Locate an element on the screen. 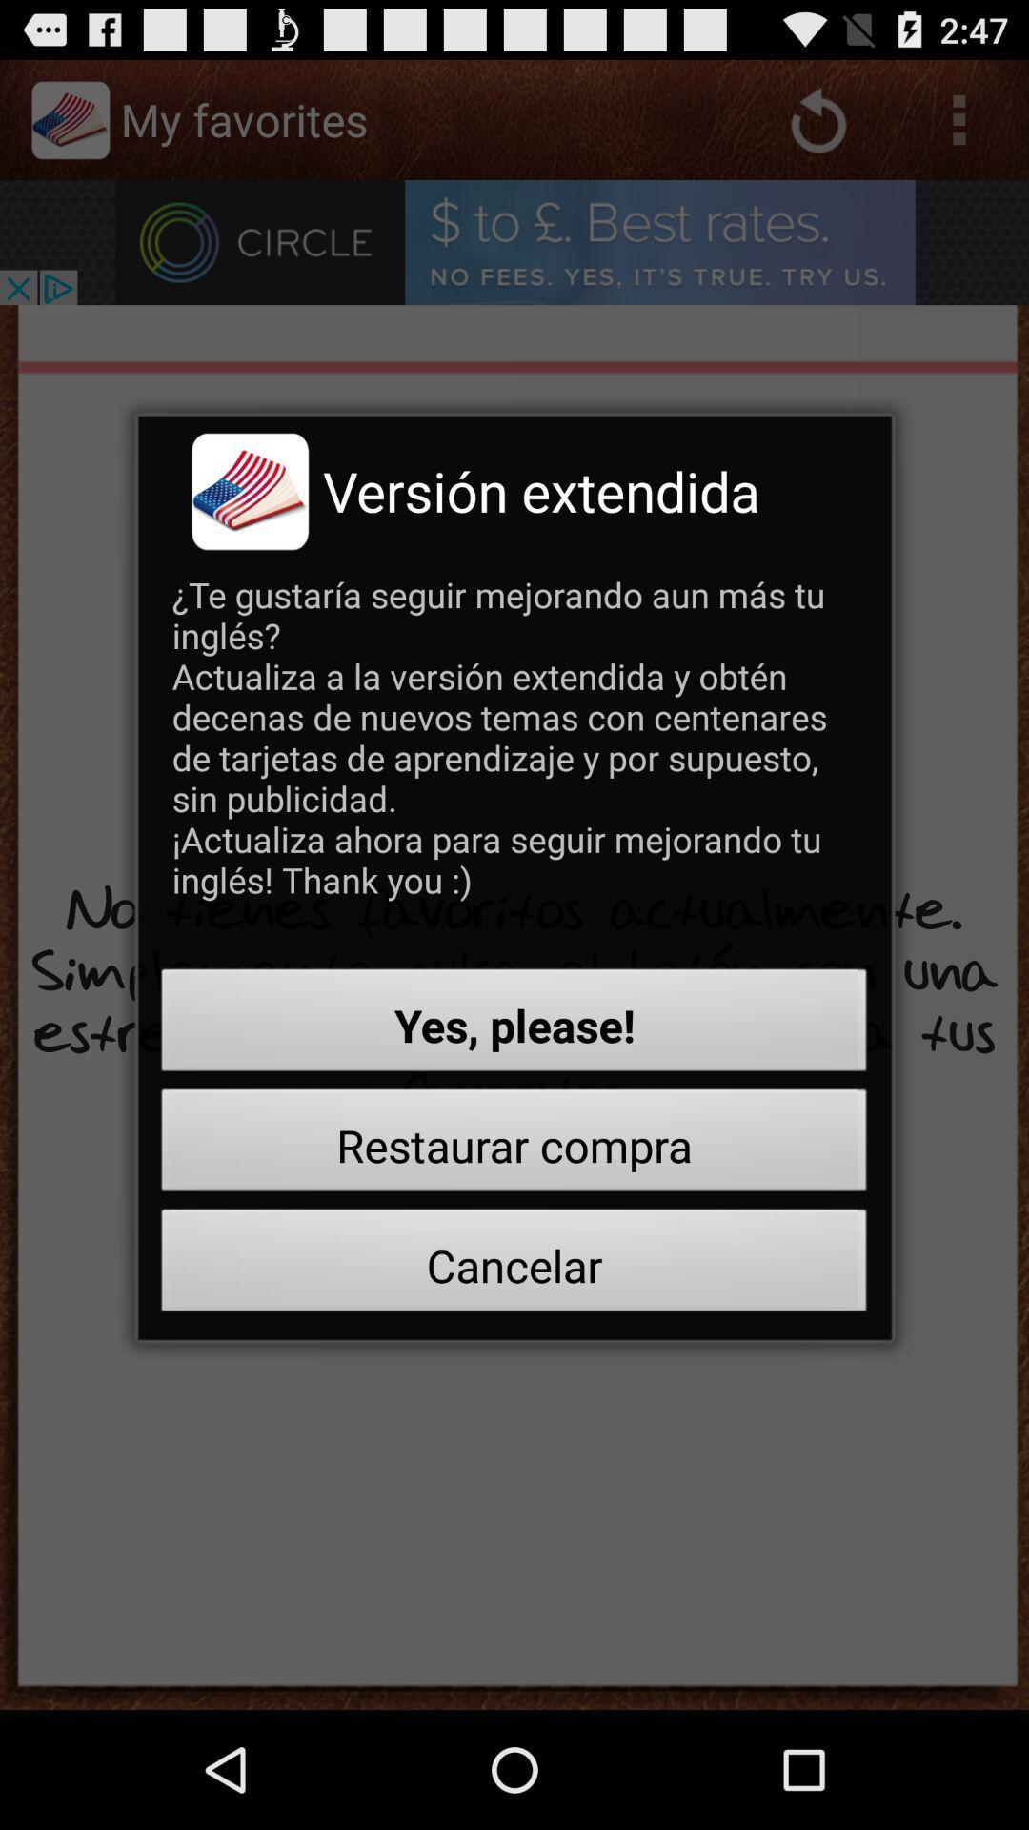 The image size is (1029, 1830). cancelar at the bottom is located at coordinates (514, 1266).